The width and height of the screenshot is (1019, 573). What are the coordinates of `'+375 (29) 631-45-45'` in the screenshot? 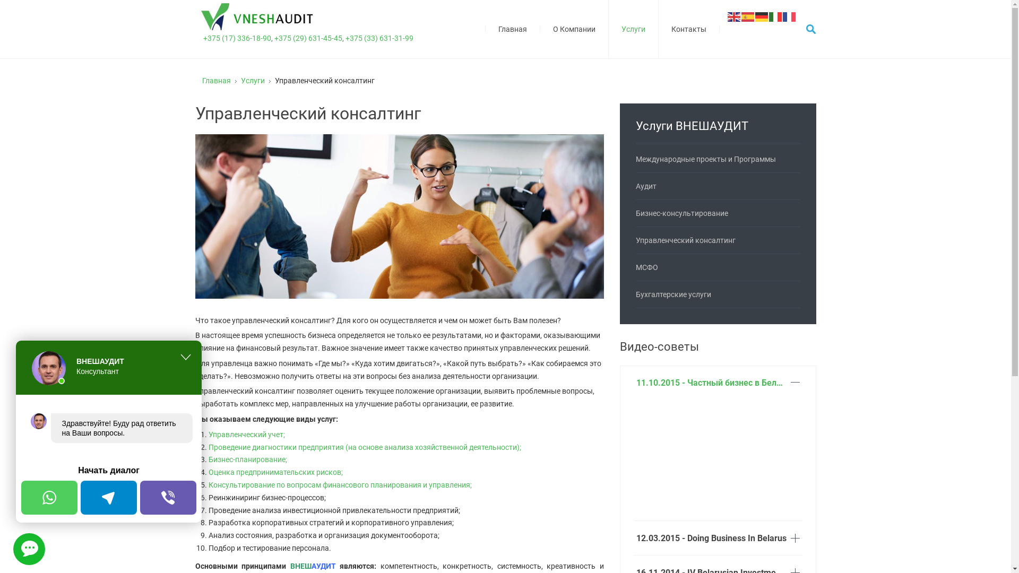 It's located at (307, 38).